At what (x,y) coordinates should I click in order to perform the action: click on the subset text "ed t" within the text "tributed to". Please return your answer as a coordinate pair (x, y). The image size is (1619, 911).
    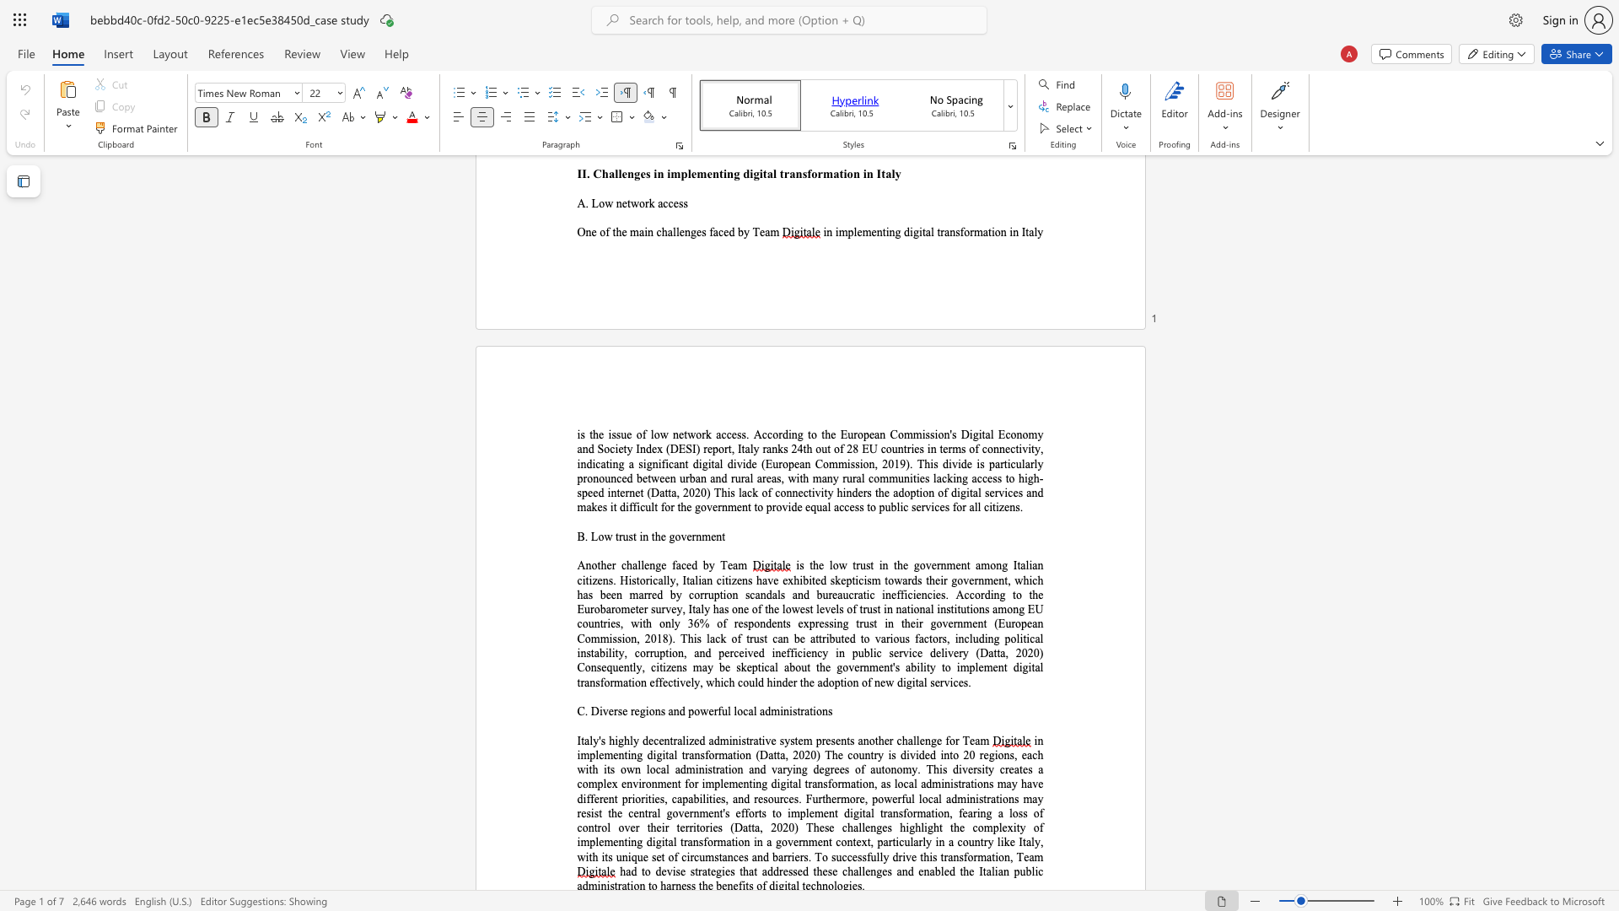
    Looking at the image, I should click on (844, 639).